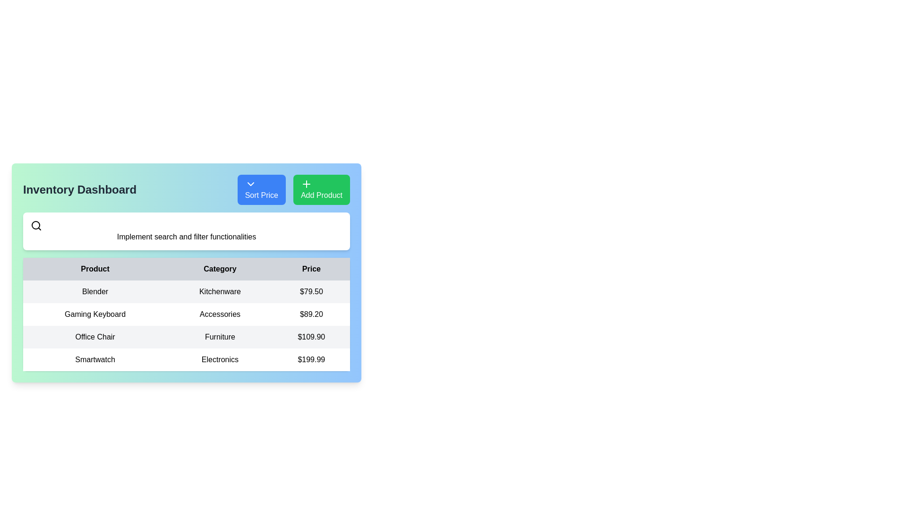 The width and height of the screenshot is (907, 510). I want to click on the second row of the product information display, so click(186, 314).